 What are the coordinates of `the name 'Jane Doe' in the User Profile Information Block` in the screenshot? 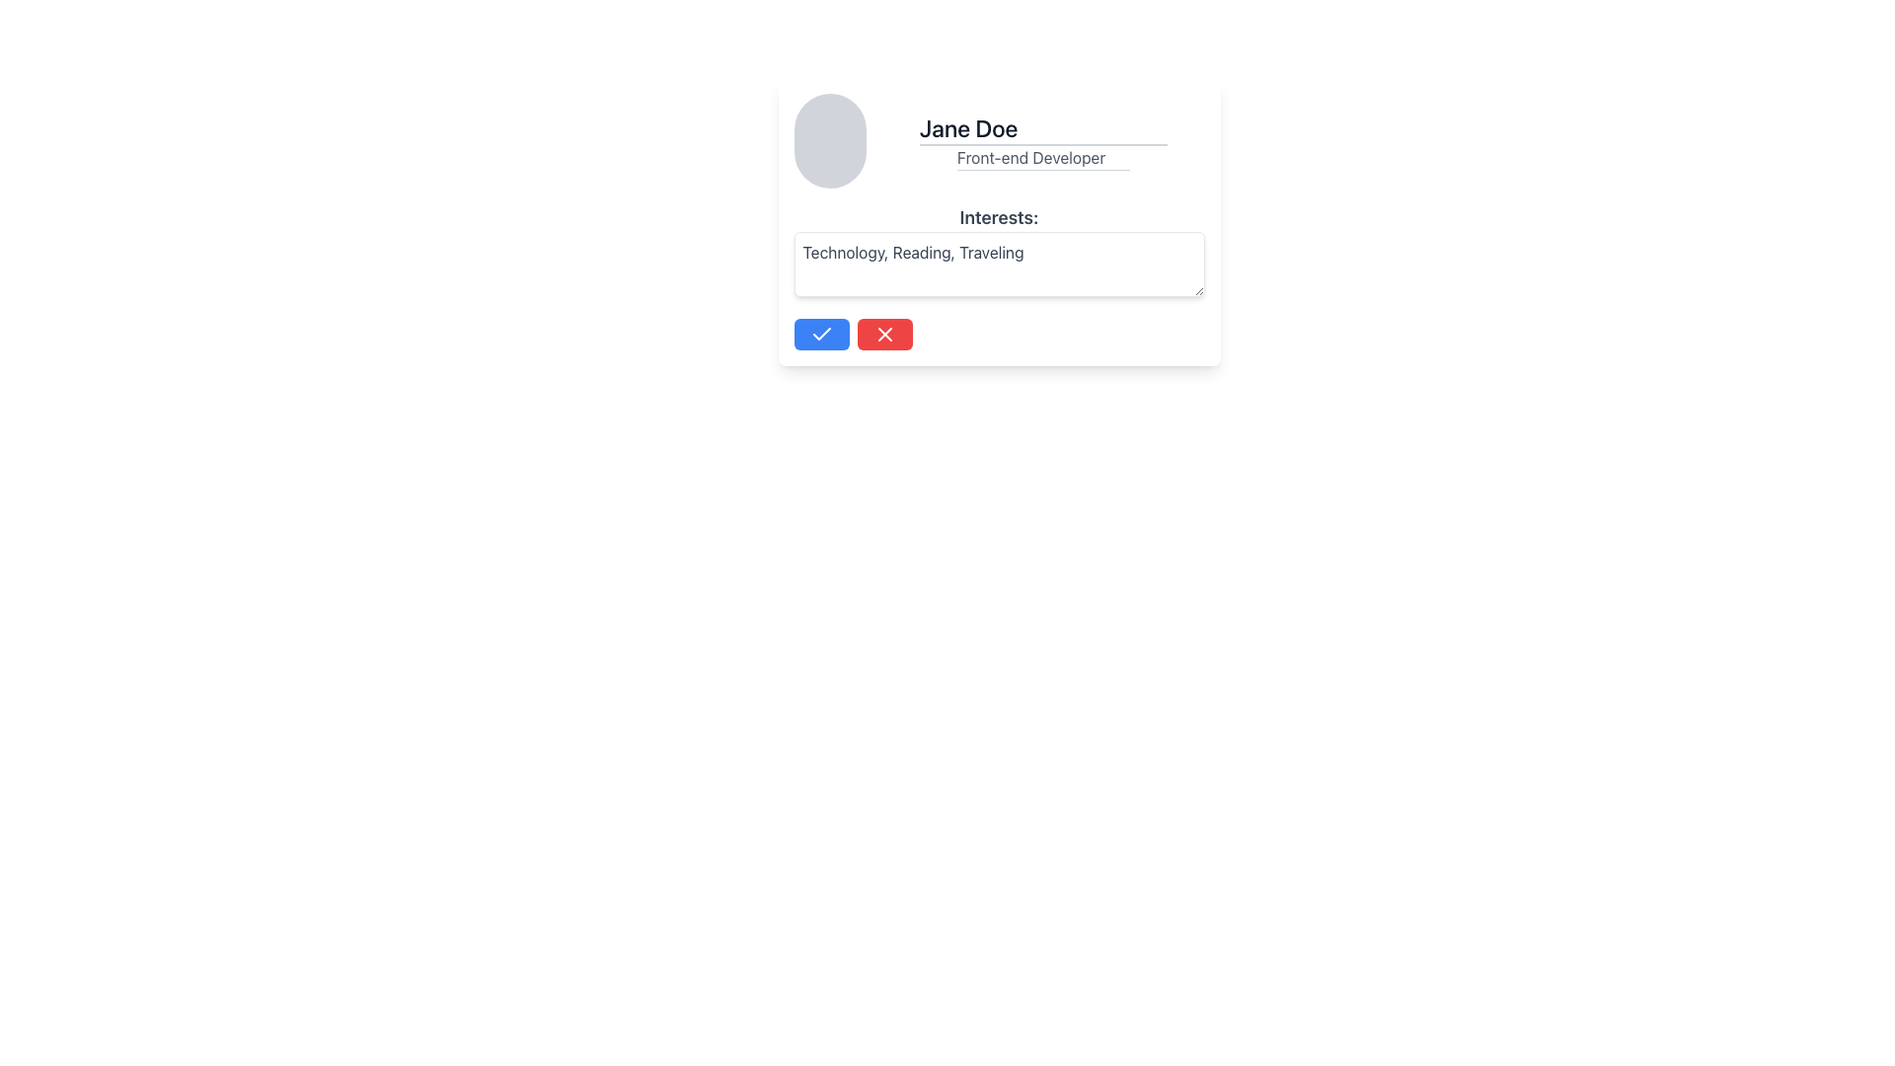 It's located at (999, 139).